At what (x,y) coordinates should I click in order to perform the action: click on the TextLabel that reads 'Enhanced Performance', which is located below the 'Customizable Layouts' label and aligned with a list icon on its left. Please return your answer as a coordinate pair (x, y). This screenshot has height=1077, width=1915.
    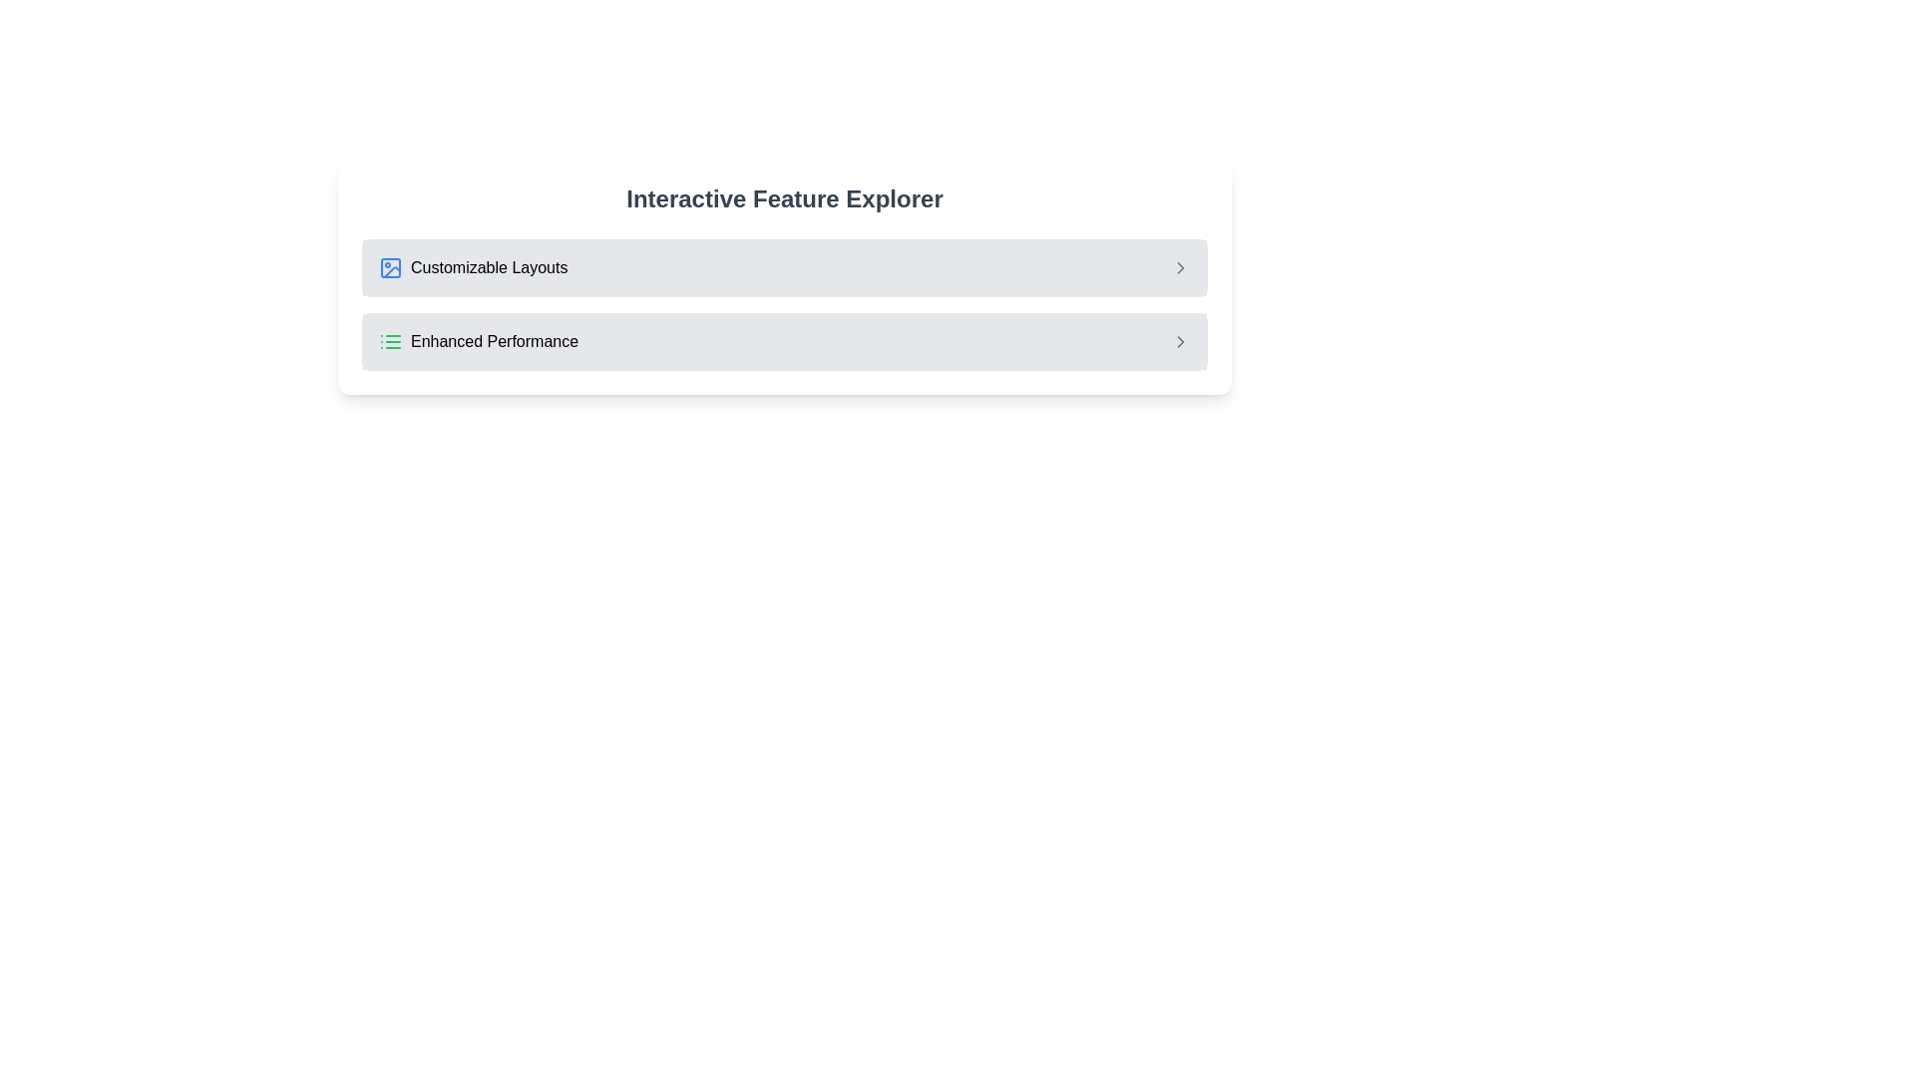
    Looking at the image, I should click on (495, 341).